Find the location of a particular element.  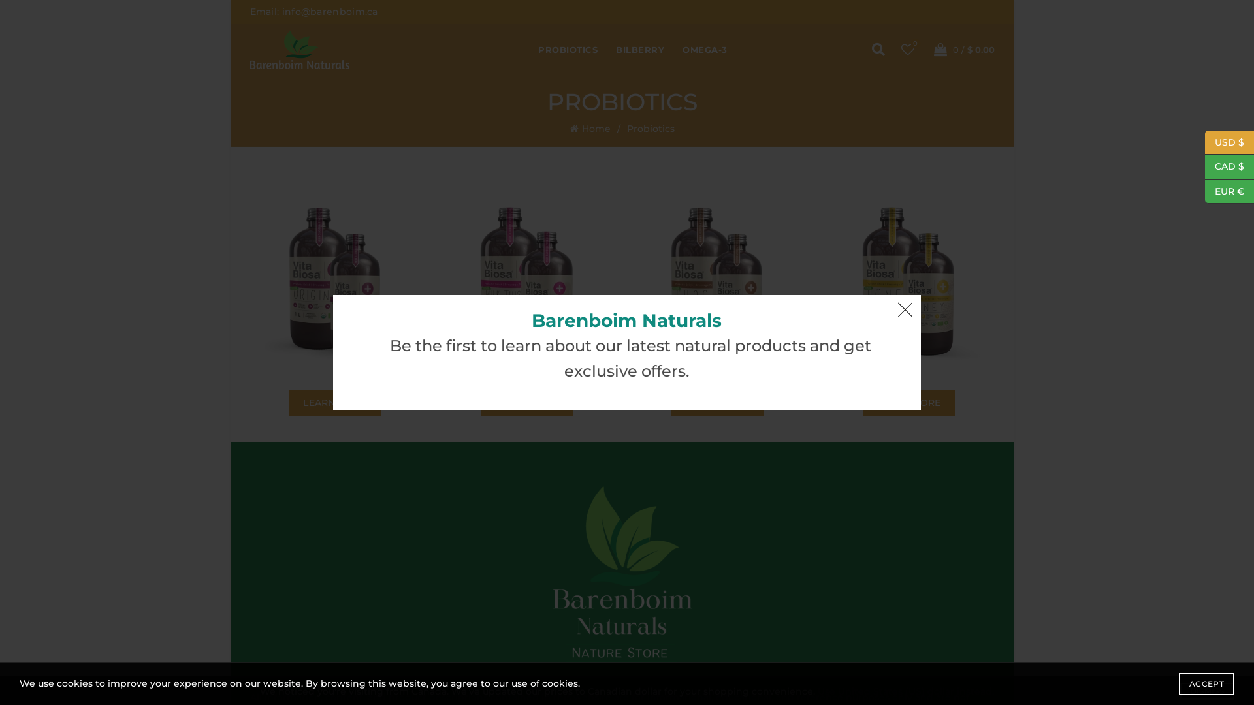

'Search' is located at coordinates (858, 18).